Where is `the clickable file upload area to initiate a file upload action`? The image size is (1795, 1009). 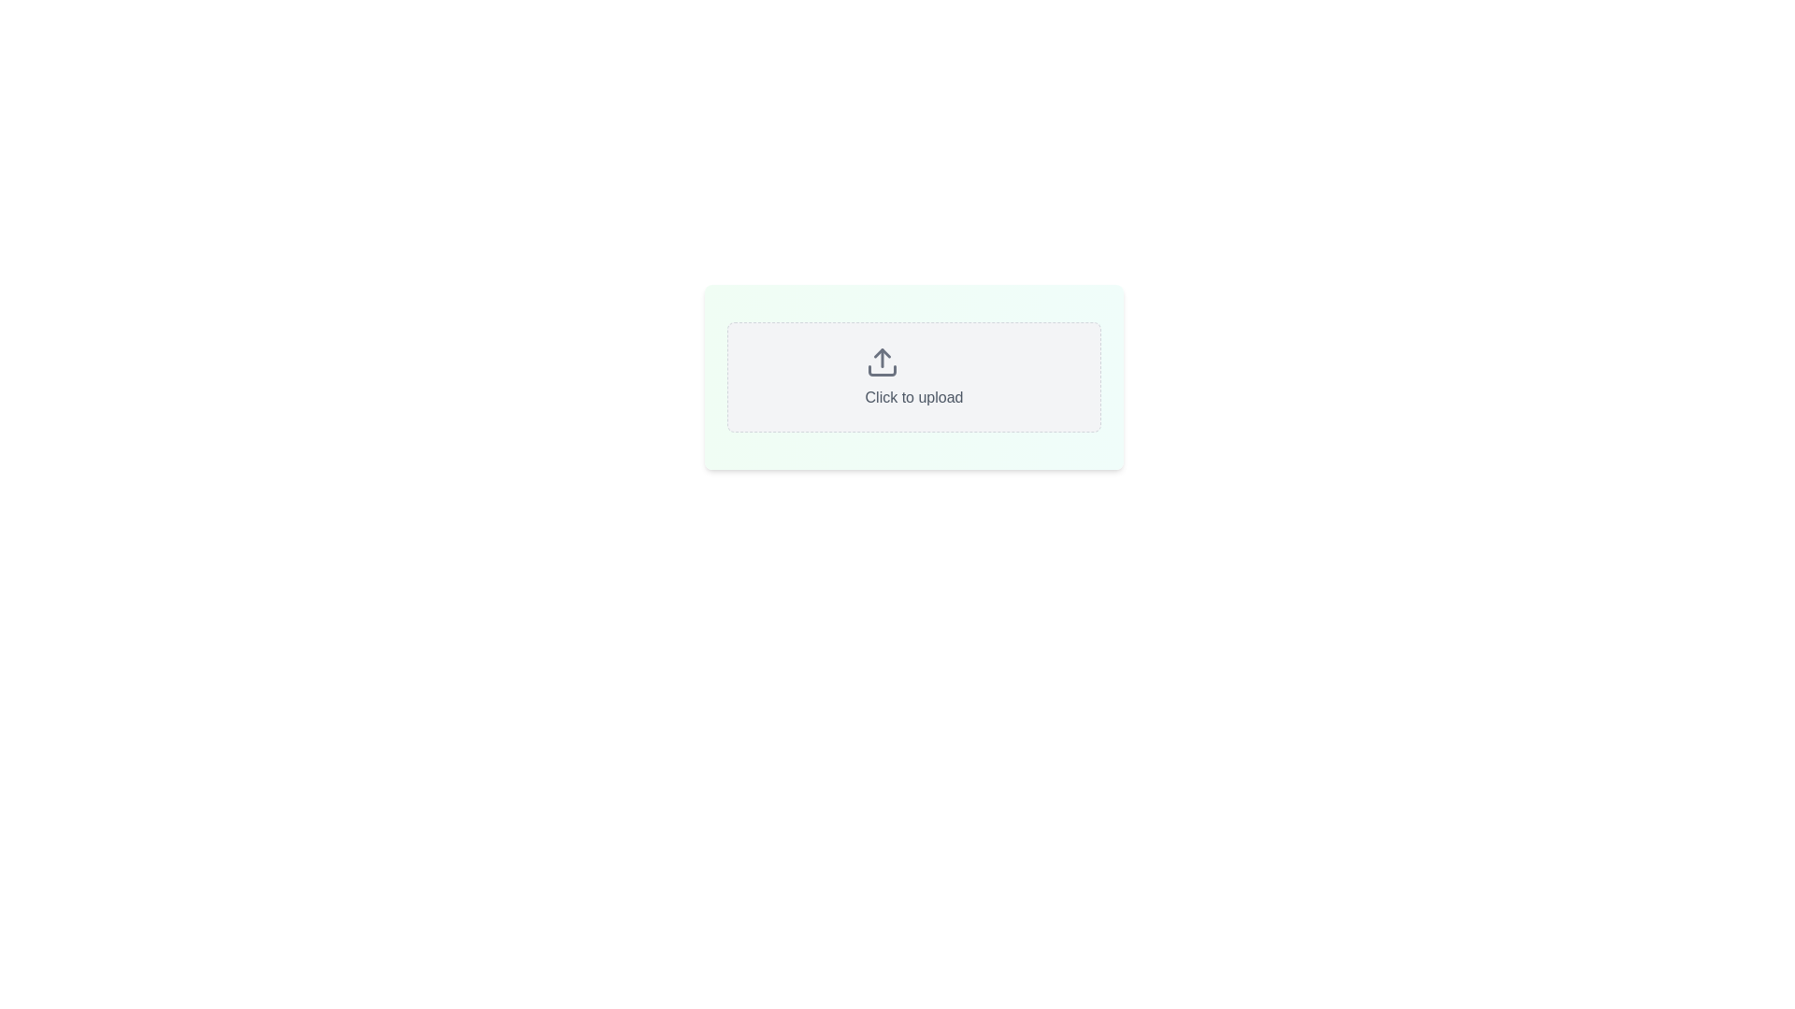 the clickable file upload area to initiate a file upload action is located at coordinates (914, 377).